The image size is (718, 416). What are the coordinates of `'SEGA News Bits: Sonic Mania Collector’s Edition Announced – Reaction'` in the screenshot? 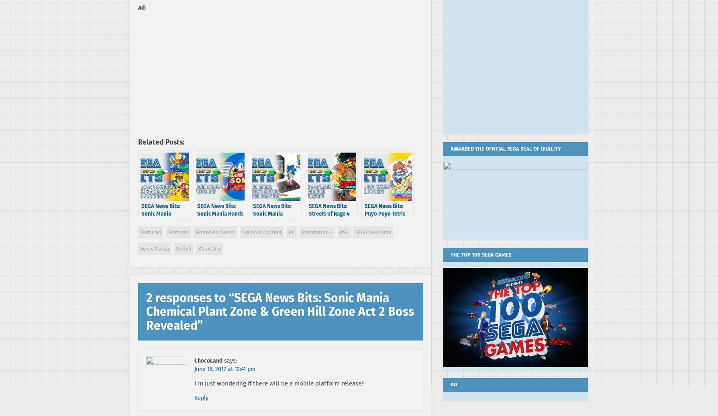 It's located at (275, 221).